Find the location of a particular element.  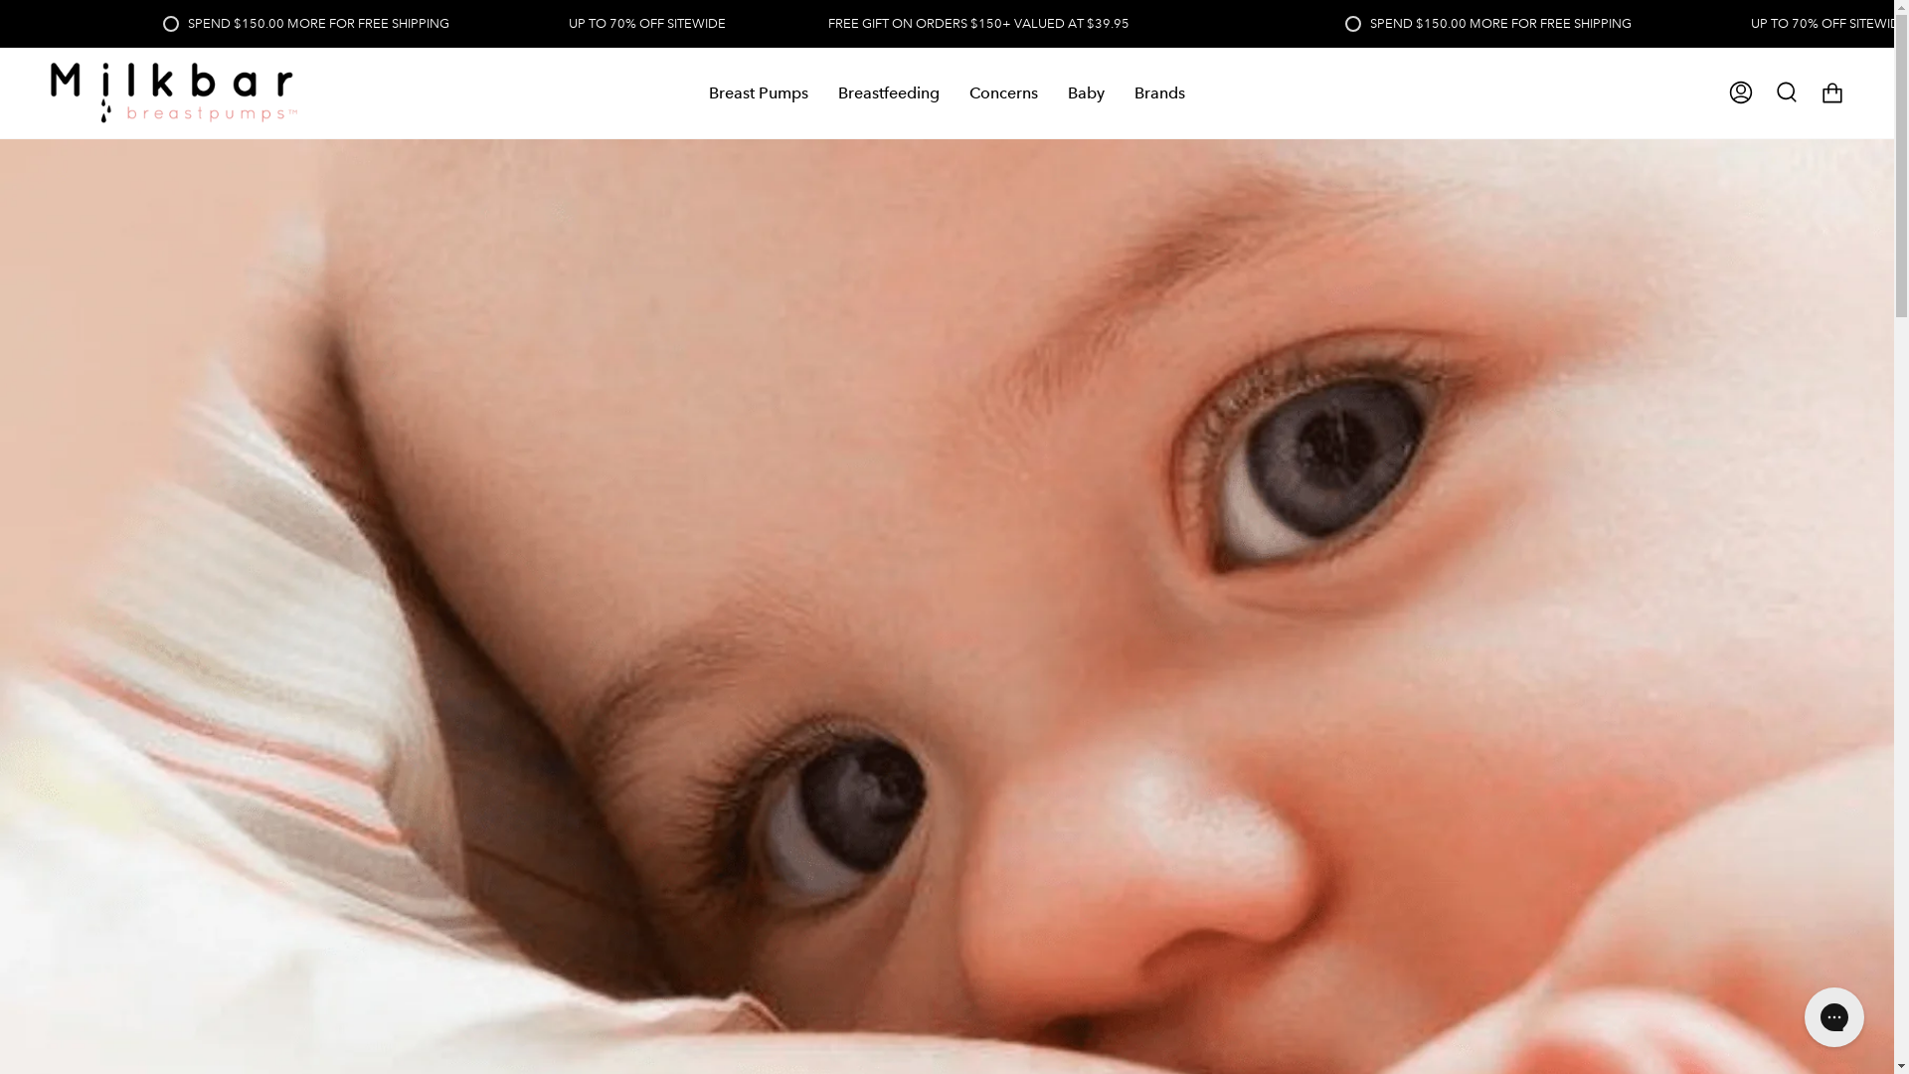

'Baby' is located at coordinates (1085, 92).